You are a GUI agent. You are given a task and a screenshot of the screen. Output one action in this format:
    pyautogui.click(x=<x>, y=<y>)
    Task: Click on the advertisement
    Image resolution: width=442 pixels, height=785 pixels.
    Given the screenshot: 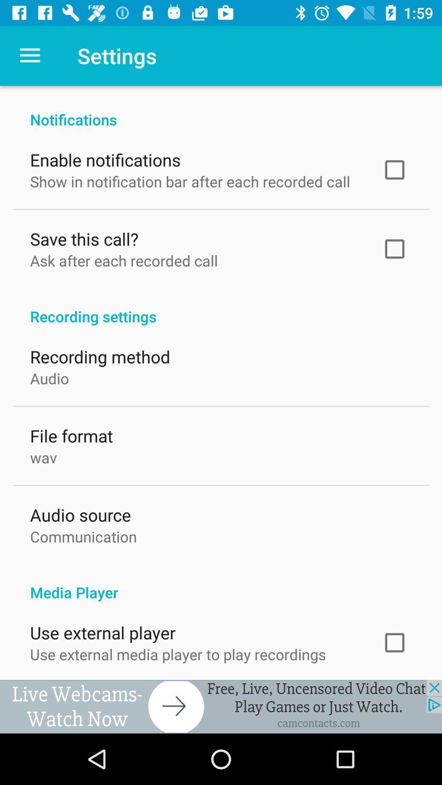 What is the action you would take?
    pyautogui.click(x=221, y=706)
    